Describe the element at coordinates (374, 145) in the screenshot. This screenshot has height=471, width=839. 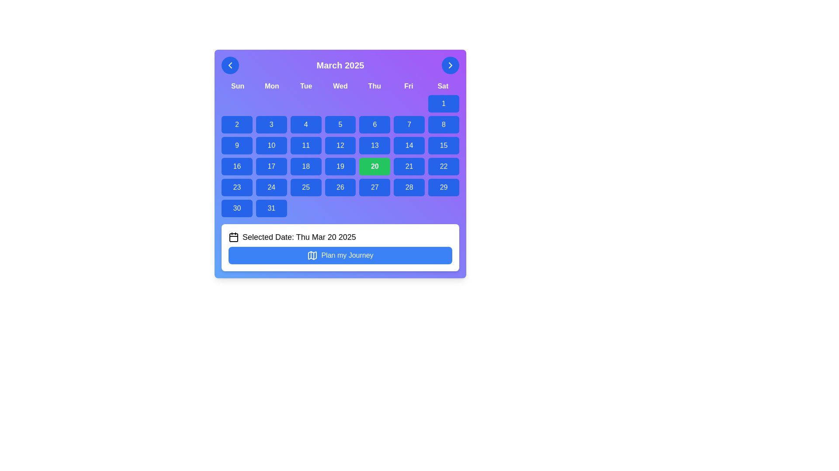
I see `the button with the white number '13' in the fifth column of the third row of the calendar grid` at that location.